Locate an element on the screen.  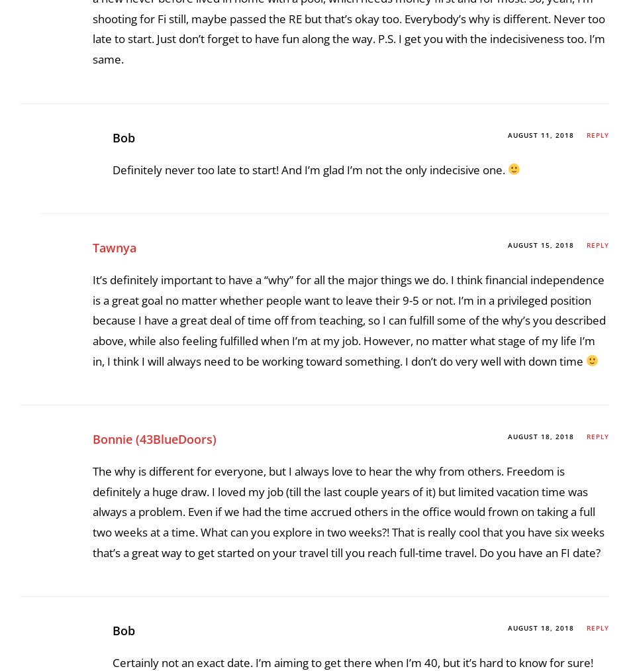
'Daisy' is located at coordinates (108, 317).